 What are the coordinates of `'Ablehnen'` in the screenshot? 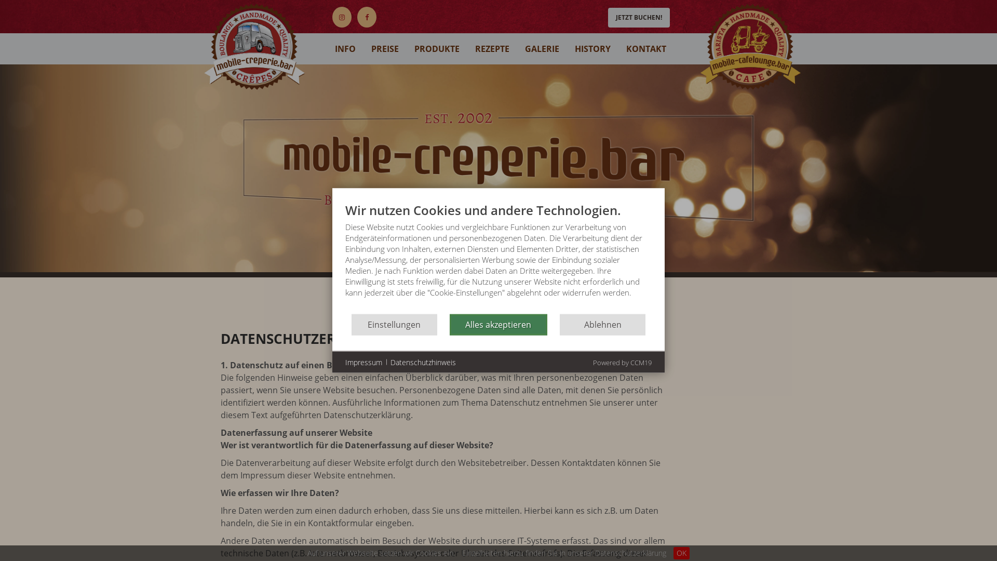 It's located at (602, 324).